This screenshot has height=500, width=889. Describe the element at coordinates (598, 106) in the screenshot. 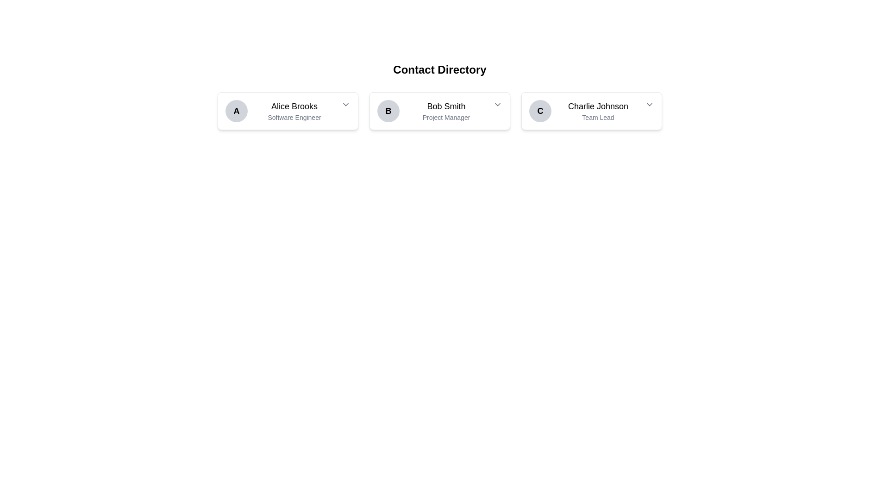

I see `the text label displaying the name 'Charlie Johnson', which is centered in the third interactive card titled 'C Charlie Johnson'` at that location.